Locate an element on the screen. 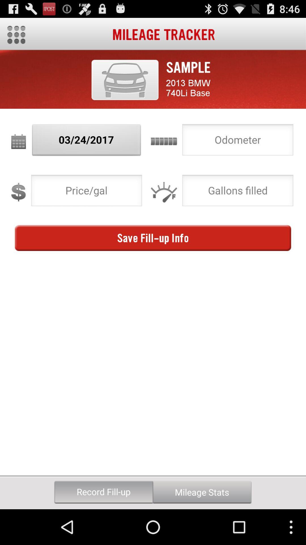 The width and height of the screenshot is (306, 545). the button to the right of record fill-up icon is located at coordinates (202, 492).